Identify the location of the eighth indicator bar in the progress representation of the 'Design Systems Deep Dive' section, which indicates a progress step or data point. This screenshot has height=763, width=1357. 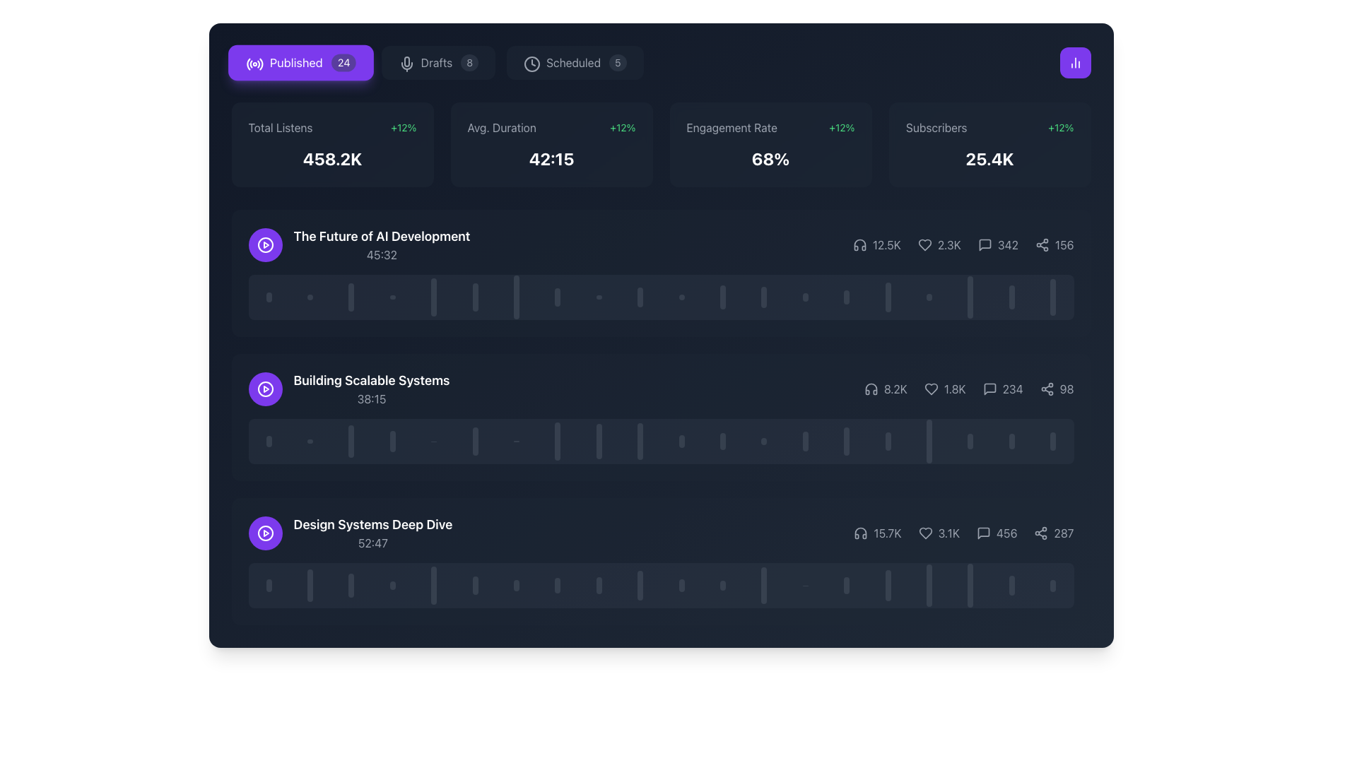
(557, 586).